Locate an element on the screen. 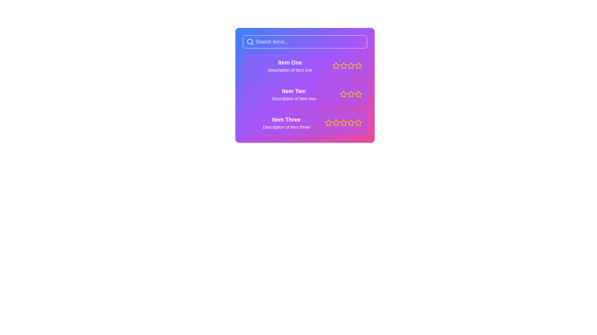 This screenshot has height=335, width=597. the text block displaying 'Item One' with its description 'Description of item one', which is the first item in a list and has a purple gradient background is located at coordinates (289, 66).